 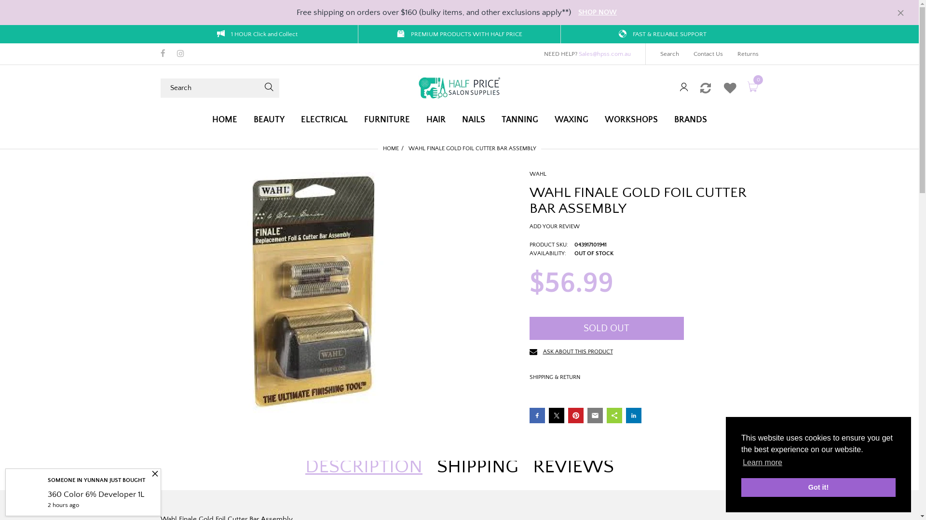 What do you see at coordinates (519, 119) in the screenshot?
I see `'TANNING'` at bounding box center [519, 119].